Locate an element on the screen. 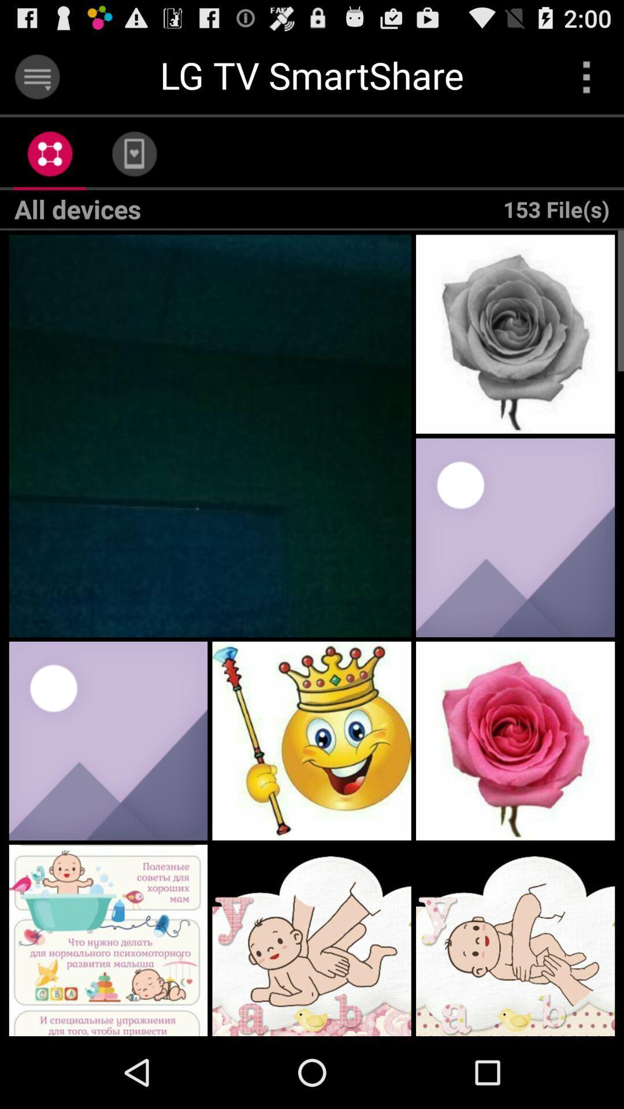 This screenshot has width=624, height=1109. the app next to 153 file(s) app is located at coordinates (133, 153).